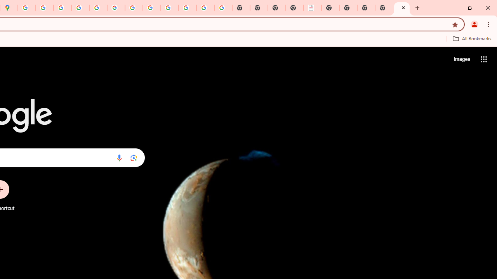 Image resolution: width=497 pixels, height=279 pixels. Describe the element at coordinates (134, 8) in the screenshot. I see `'YouTube'` at that location.